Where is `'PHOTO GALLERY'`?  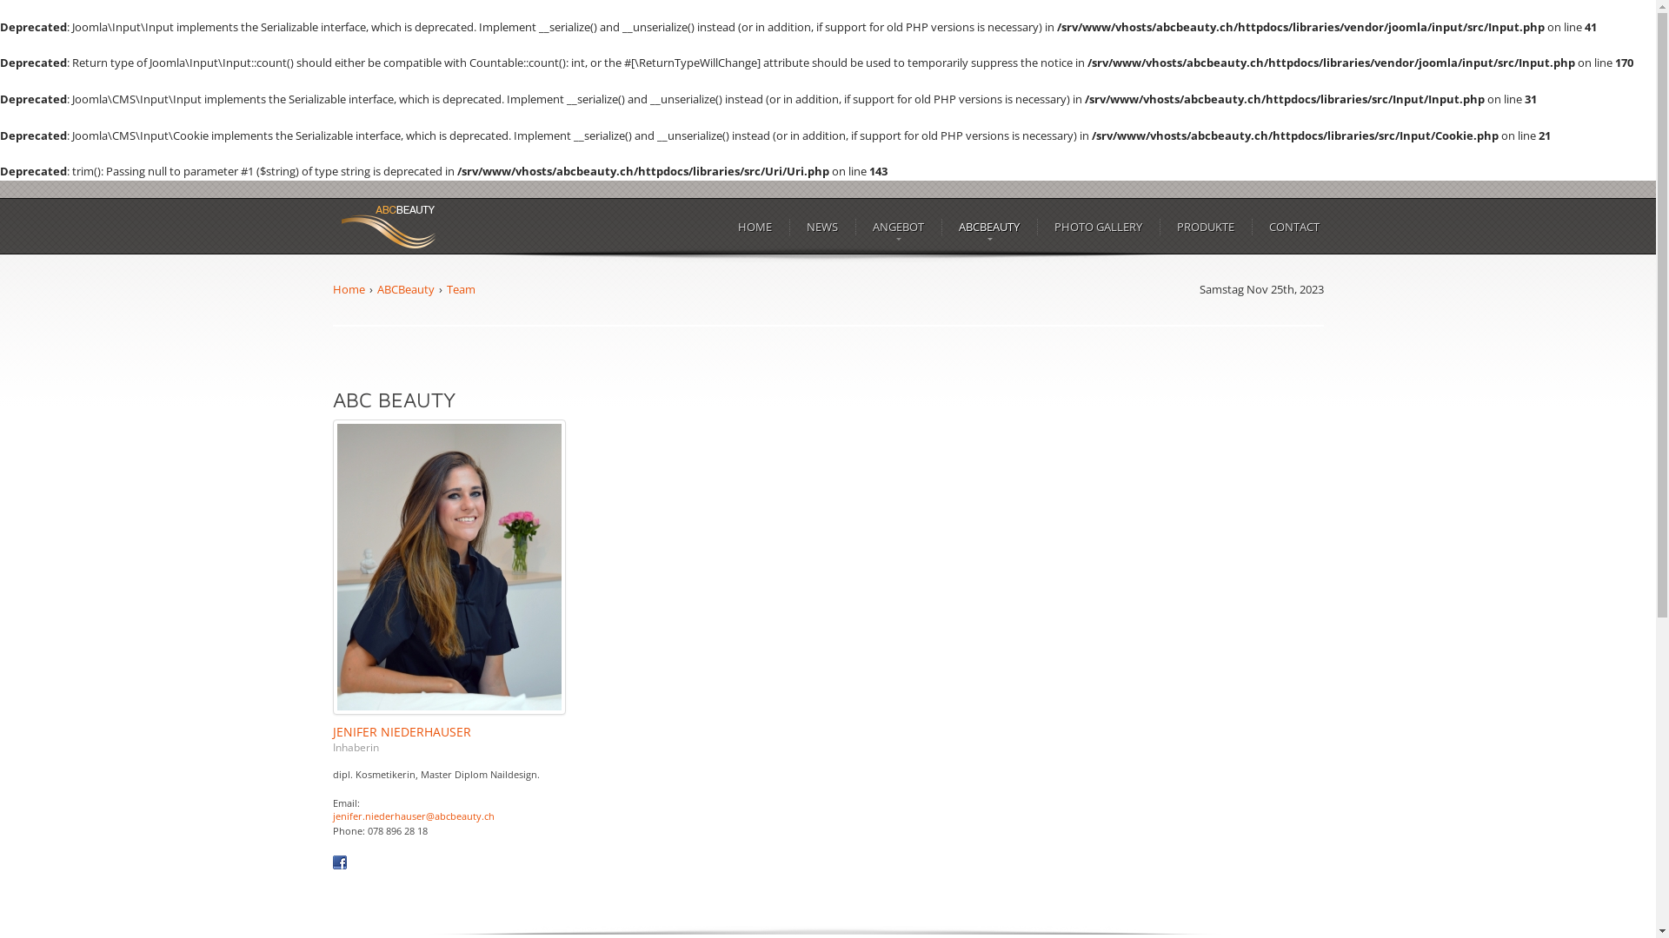 'PHOTO GALLERY' is located at coordinates (1097, 226).